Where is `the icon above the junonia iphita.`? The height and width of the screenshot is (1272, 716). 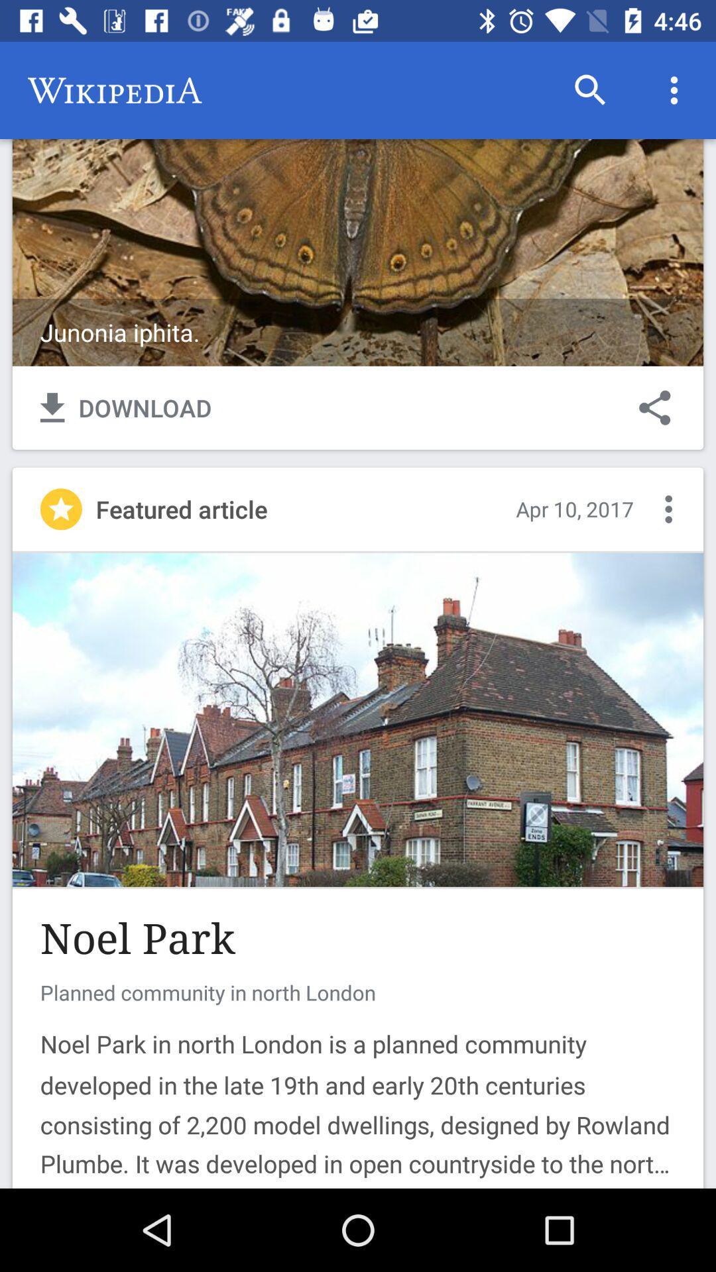
the icon above the junonia iphita. is located at coordinates (590, 89).